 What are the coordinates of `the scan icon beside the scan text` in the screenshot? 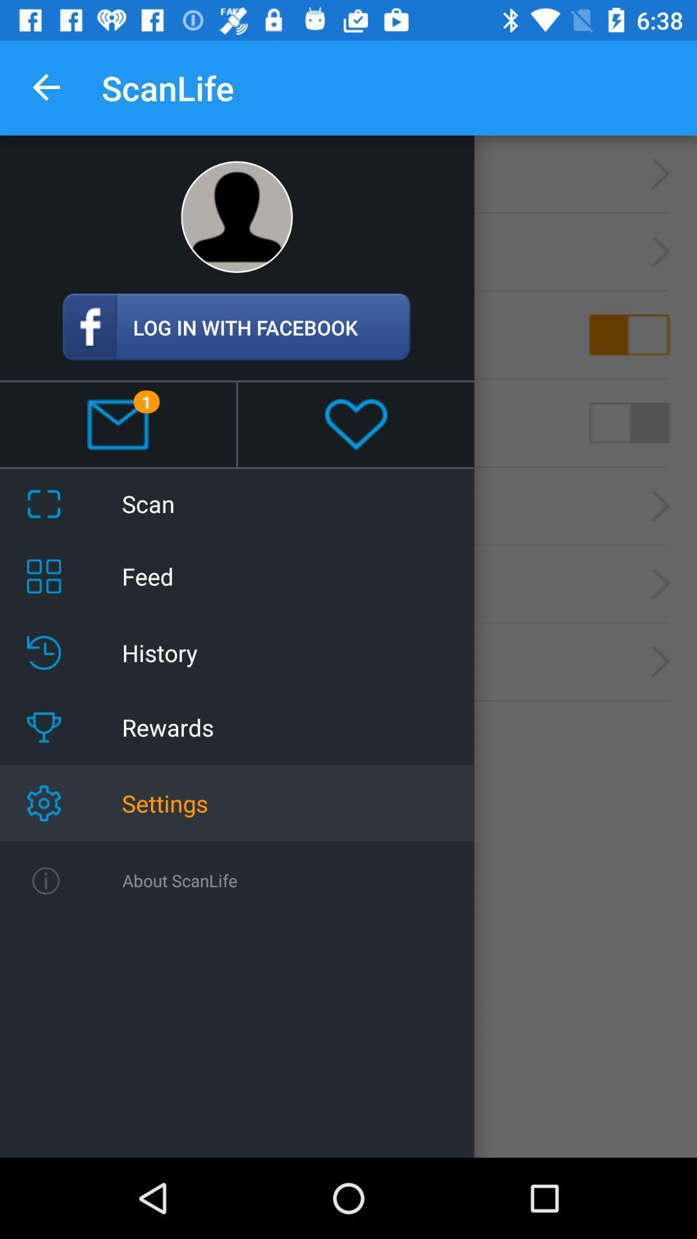 It's located at (43, 503).